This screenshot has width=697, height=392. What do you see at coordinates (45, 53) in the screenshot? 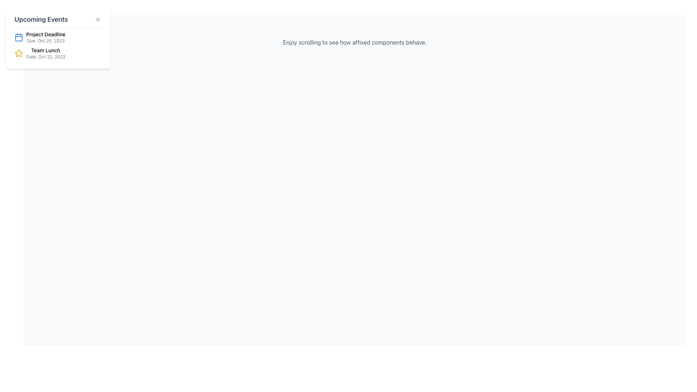
I see `textual information from the 'Team Lunch' event display, which consists of two lines: 'Team Lunch' in medium font weight and 'Date: Oct 22, 2023' in smaller gray font, located under the 'Upcoming Events' section` at bounding box center [45, 53].